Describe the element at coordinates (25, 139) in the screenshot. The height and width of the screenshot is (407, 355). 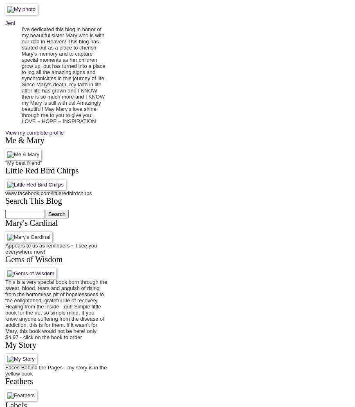
I see `'Me & Mary'` at that location.